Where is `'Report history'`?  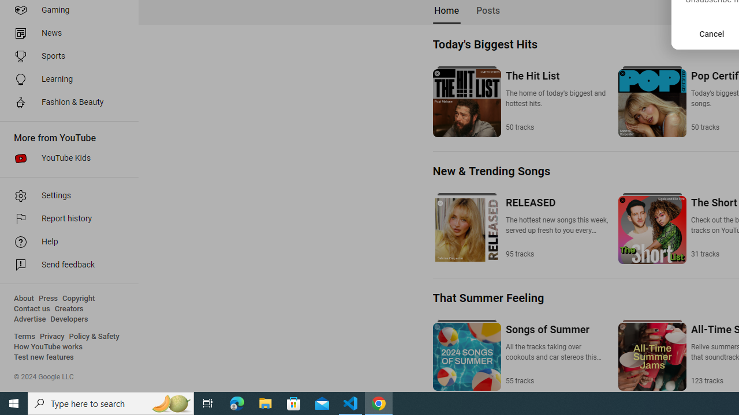 'Report history' is located at coordinates (65, 219).